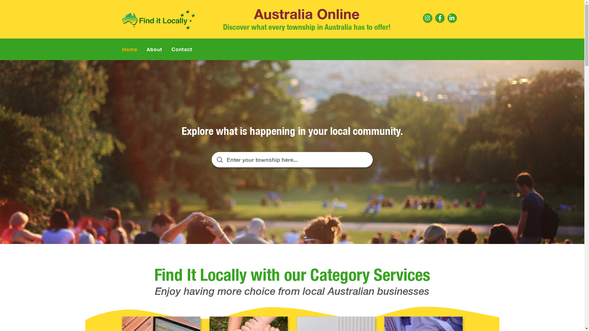 This screenshot has height=331, width=589. What do you see at coordinates (427, 17) in the screenshot?
I see `'Instagram'` at bounding box center [427, 17].